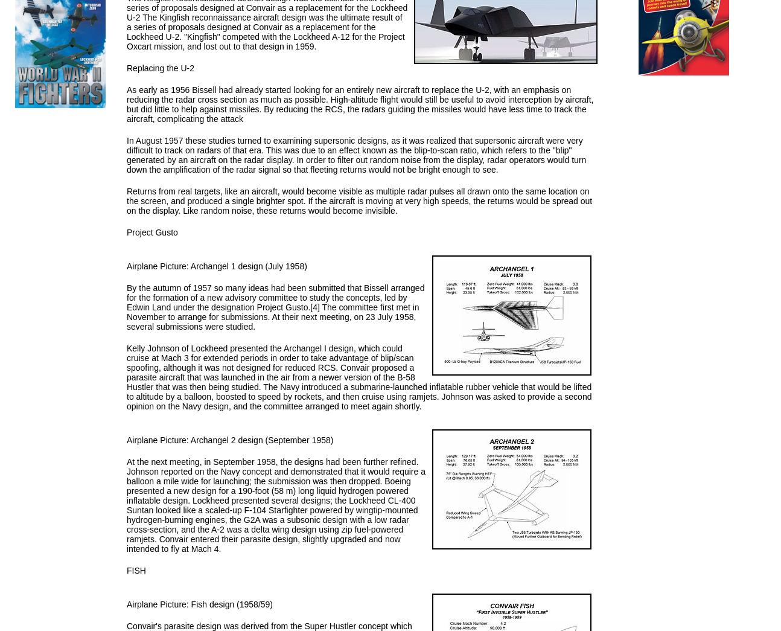  Describe the element at coordinates (200, 604) in the screenshot. I see `'Airplane Picture: Fish design (1958/59)'` at that location.